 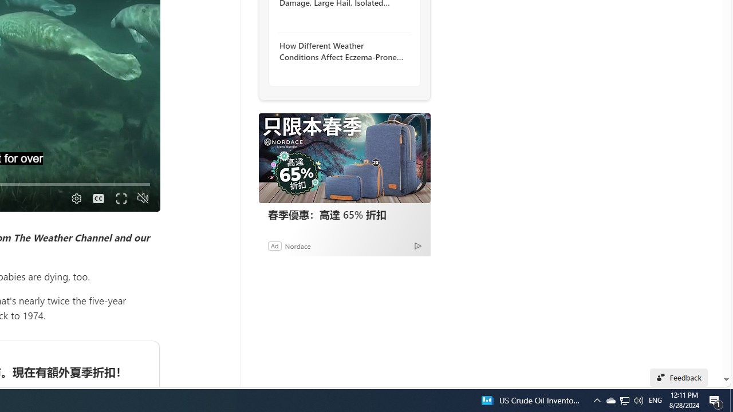 I want to click on 'Fullscreen', so click(x=121, y=198).